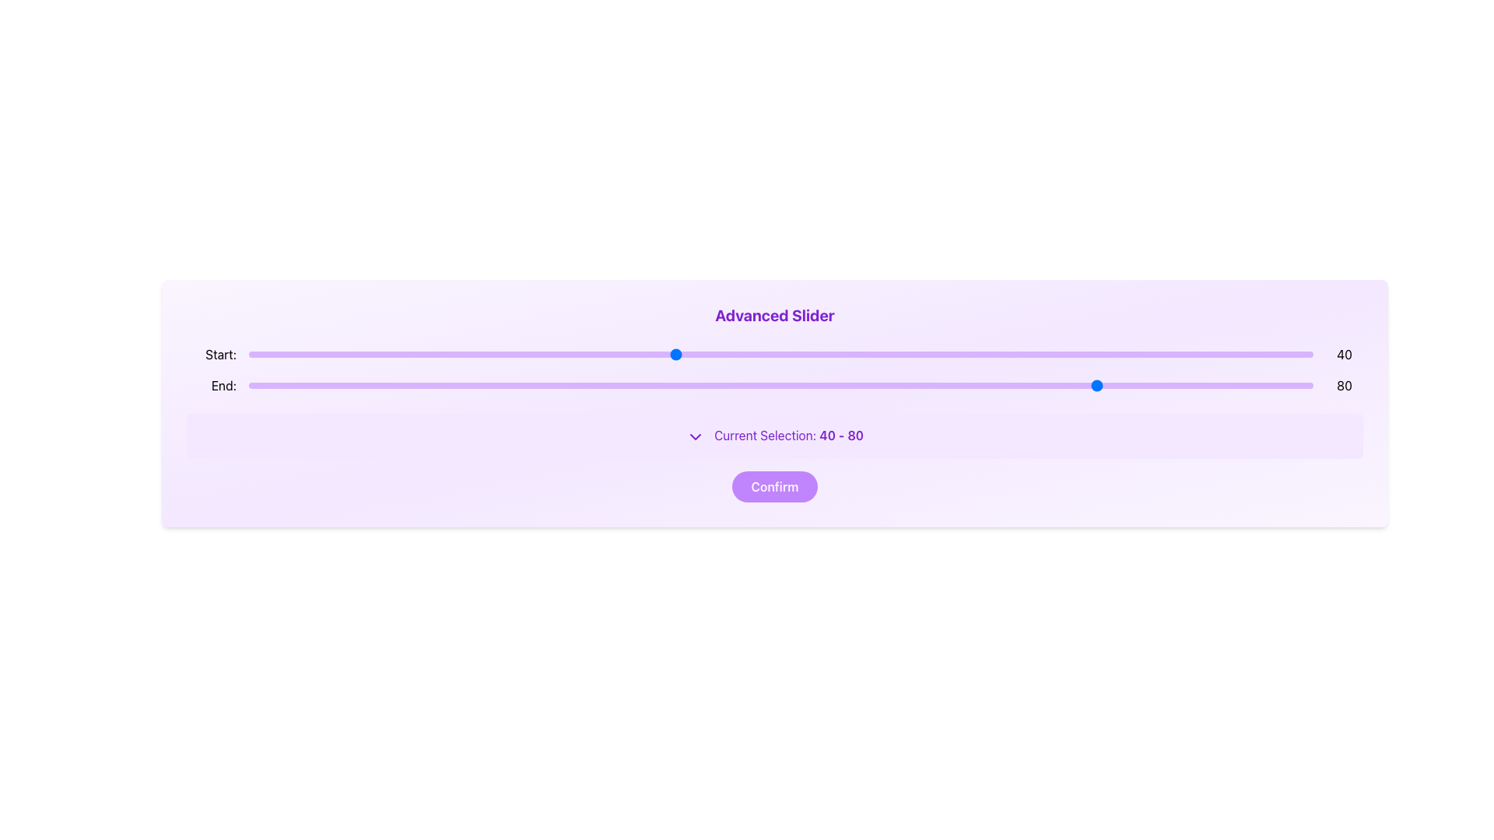 This screenshot has height=840, width=1494. Describe the element at coordinates (780, 385) in the screenshot. I see `the 'End' value` at that location.